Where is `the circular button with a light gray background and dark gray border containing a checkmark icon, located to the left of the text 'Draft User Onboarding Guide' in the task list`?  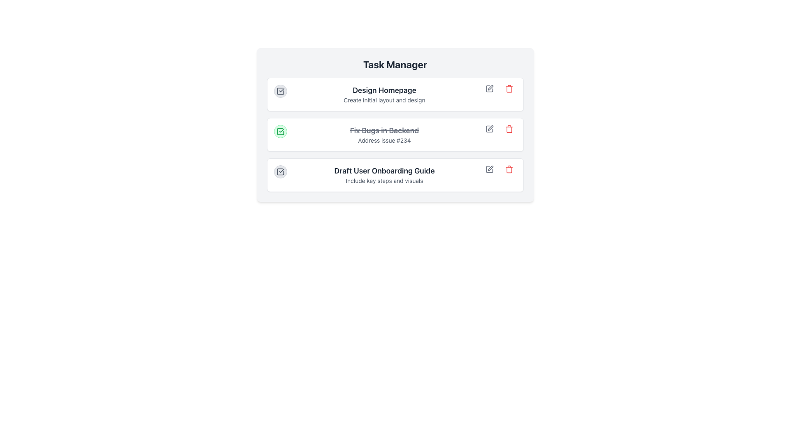
the circular button with a light gray background and dark gray border containing a checkmark icon, located to the left of the text 'Draft User Onboarding Guide' in the task list is located at coordinates (280, 171).